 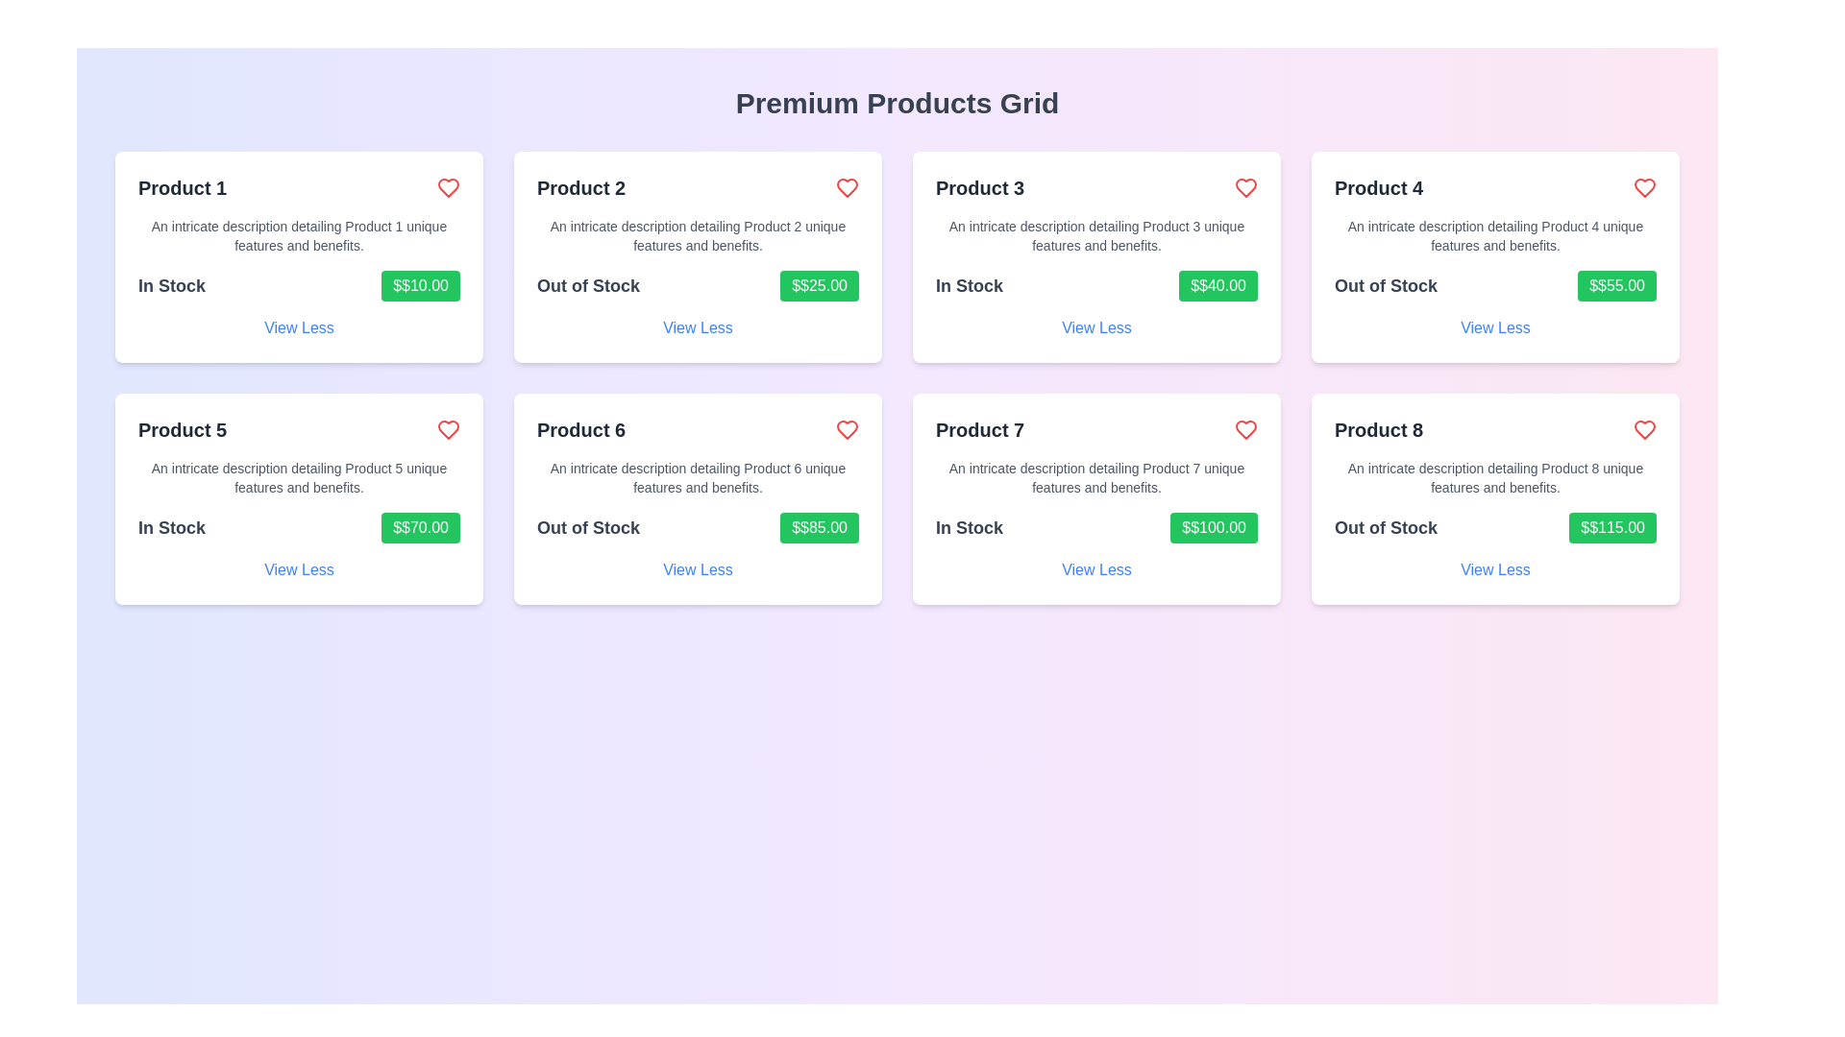 What do you see at coordinates (969, 285) in the screenshot?
I see `the 'In Stock' text label located in the third product card of the grid layout, which is styled in bold dark gray and positioned above the 'View Less' link` at bounding box center [969, 285].